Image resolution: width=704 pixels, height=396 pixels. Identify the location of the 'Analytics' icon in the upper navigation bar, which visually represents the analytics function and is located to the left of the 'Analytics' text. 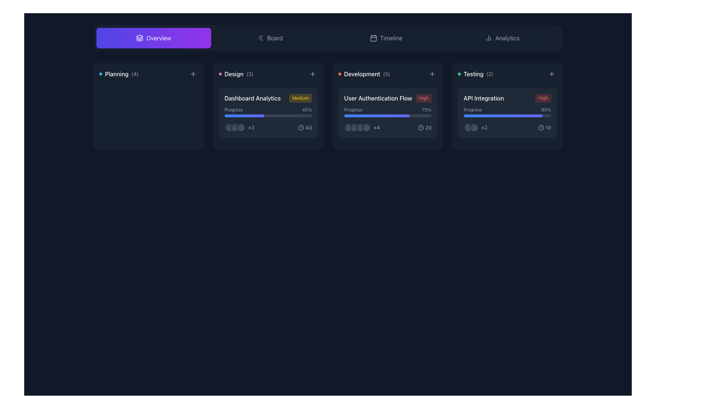
(489, 38).